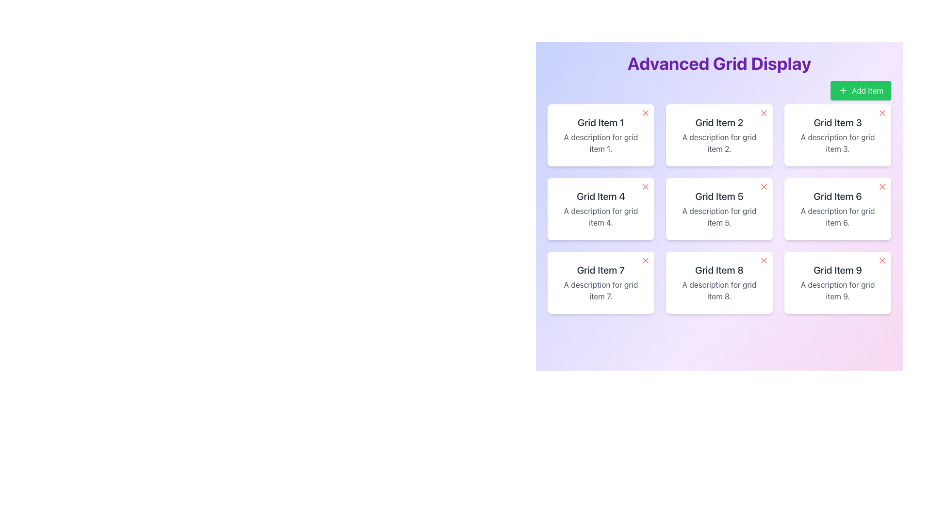 Image resolution: width=932 pixels, height=524 pixels. I want to click on the close button on the top-right corner of 'Grid Item 7', so click(645, 260).